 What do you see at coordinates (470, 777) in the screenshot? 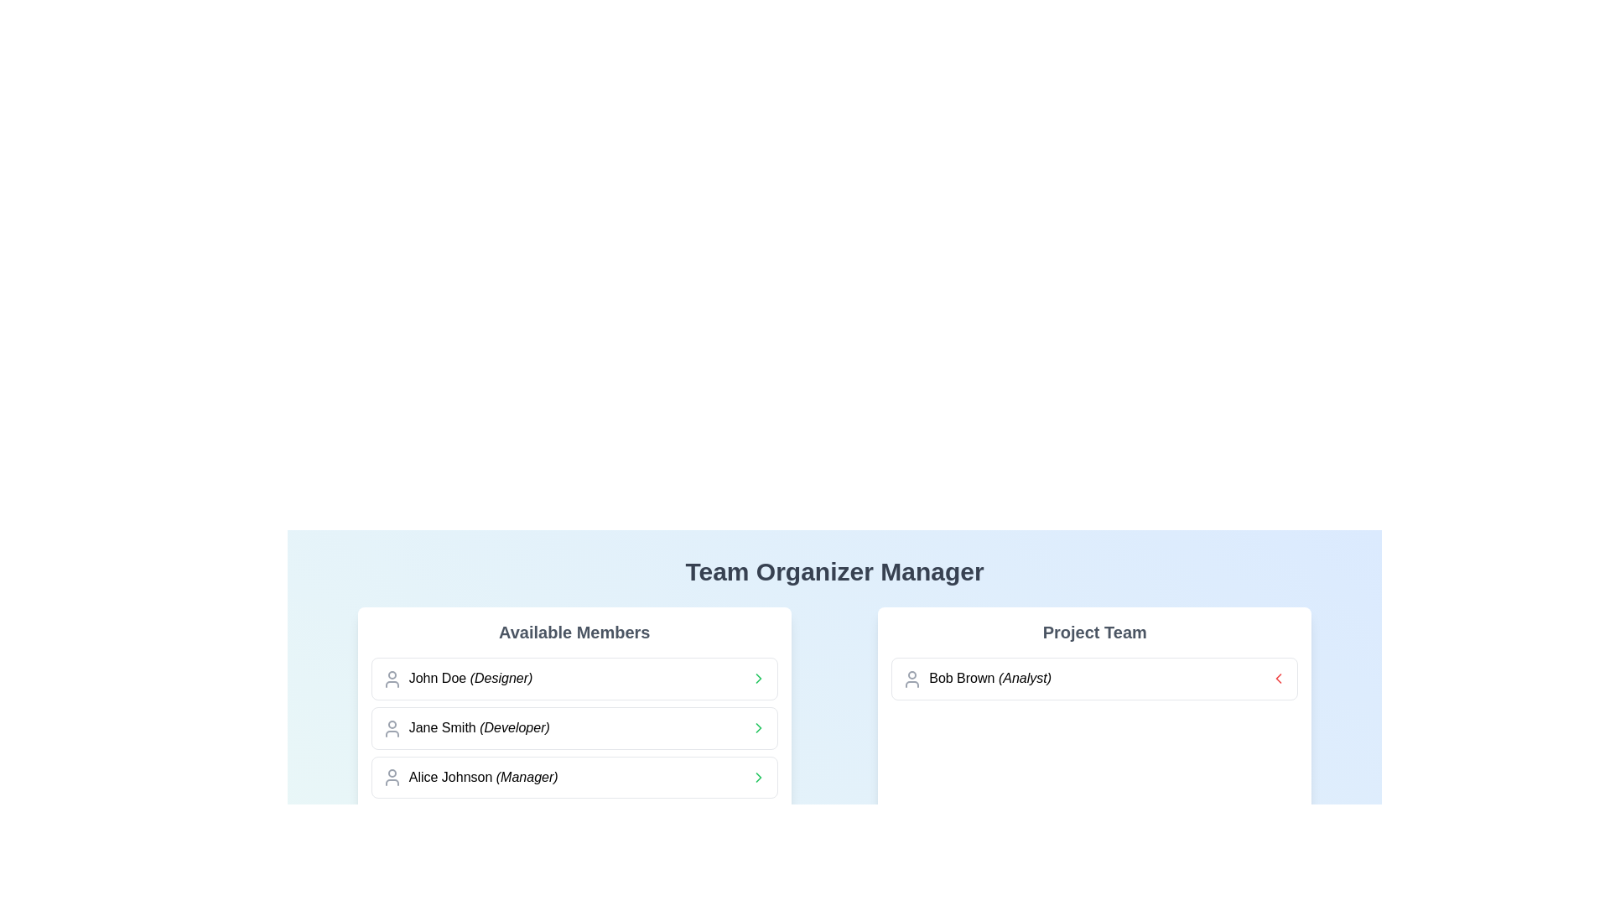
I see `the static text component displaying 'Alice Johnson (Manager)' in the 'Available Members' section of the interface` at bounding box center [470, 777].